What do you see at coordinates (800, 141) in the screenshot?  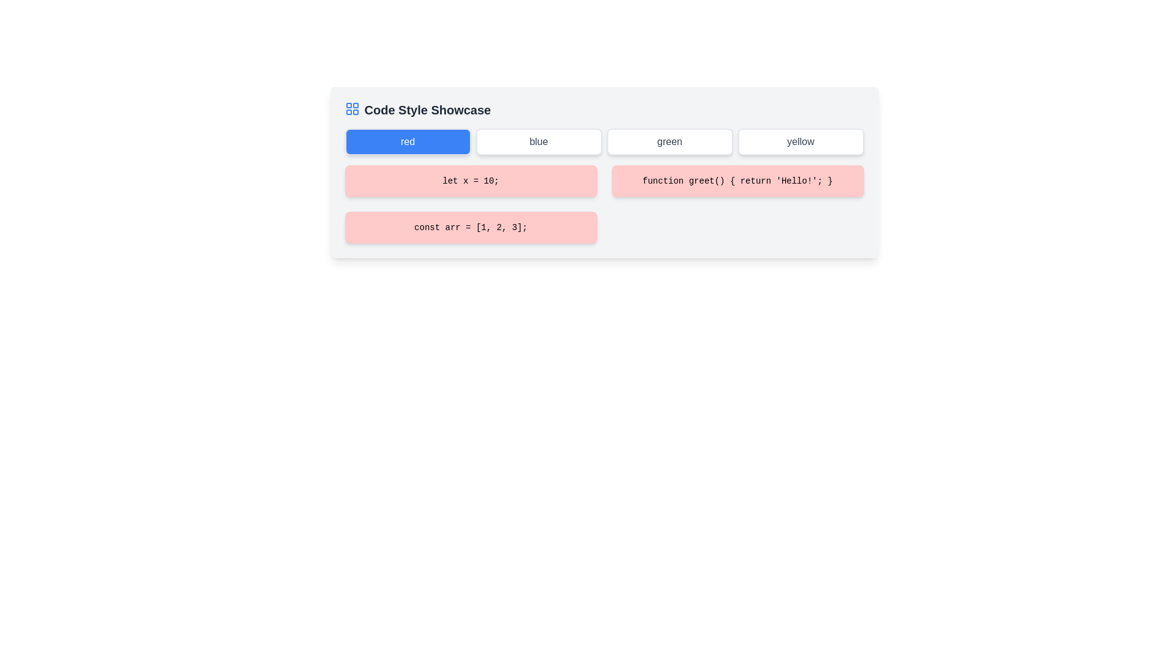 I see `the button labeled 'yellow', which is the fourth button in a horizontal series within the 'Code Style Showcase' section` at bounding box center [800, 141].